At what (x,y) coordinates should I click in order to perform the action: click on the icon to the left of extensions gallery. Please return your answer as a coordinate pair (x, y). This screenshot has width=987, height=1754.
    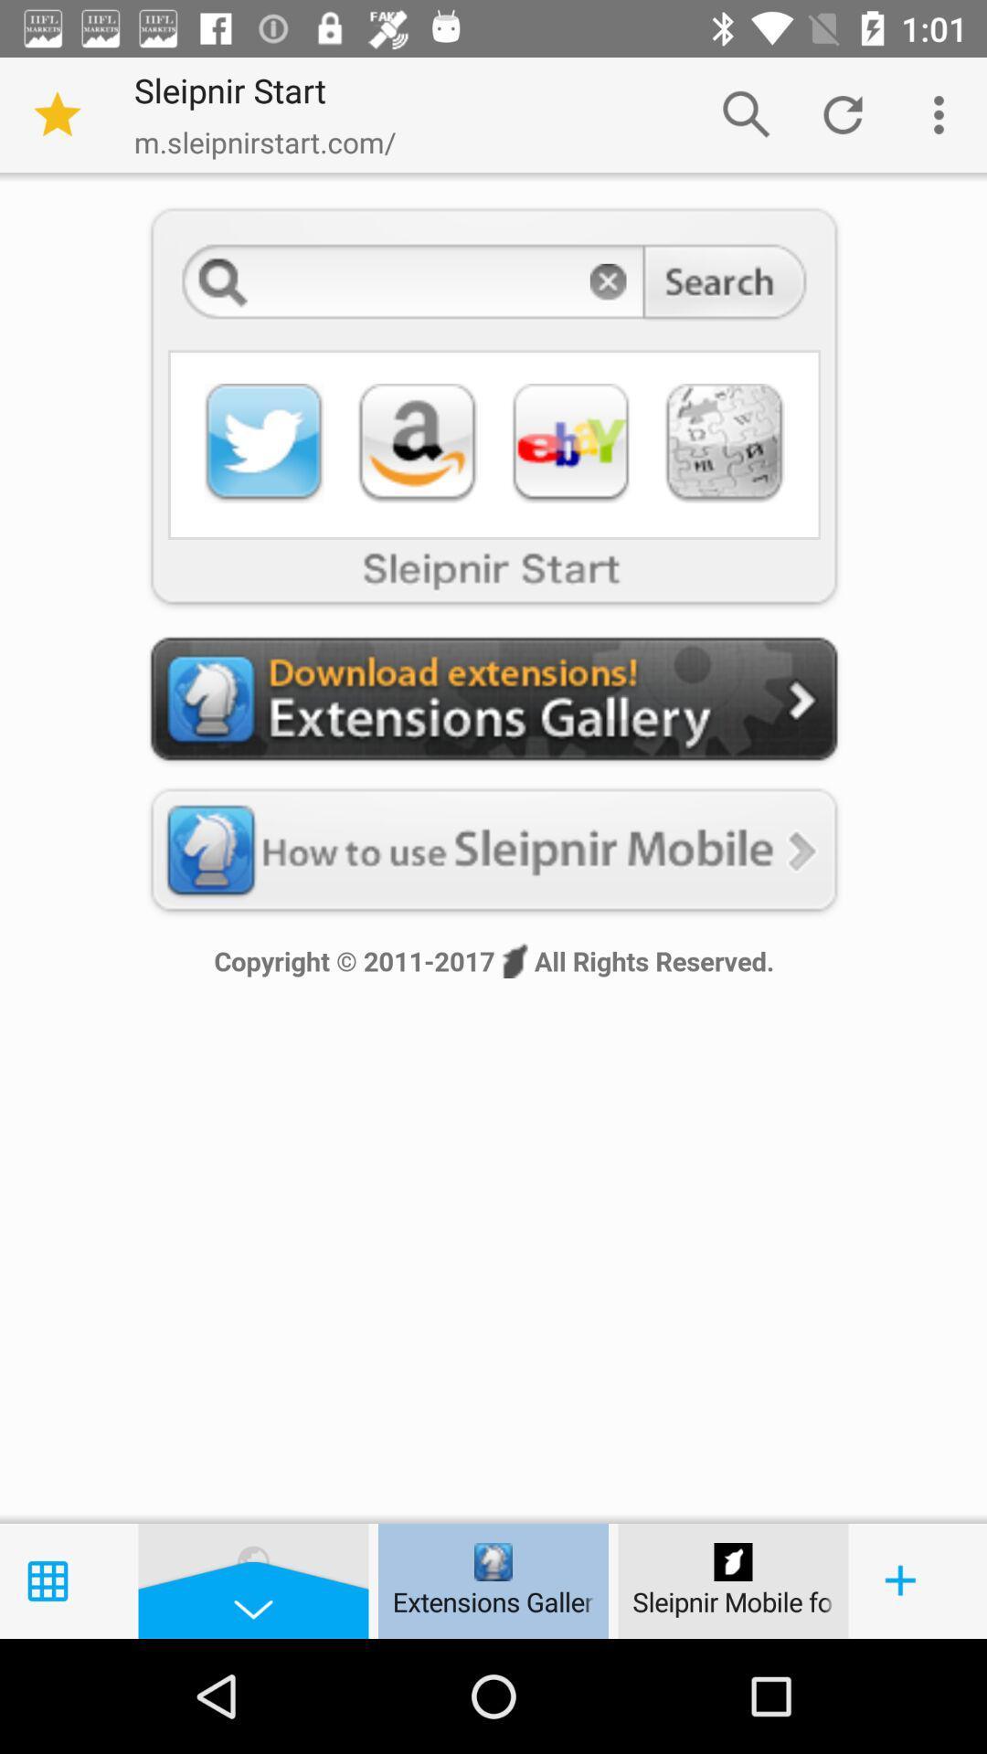
    Looking at the image, I should click on (253, 1560).